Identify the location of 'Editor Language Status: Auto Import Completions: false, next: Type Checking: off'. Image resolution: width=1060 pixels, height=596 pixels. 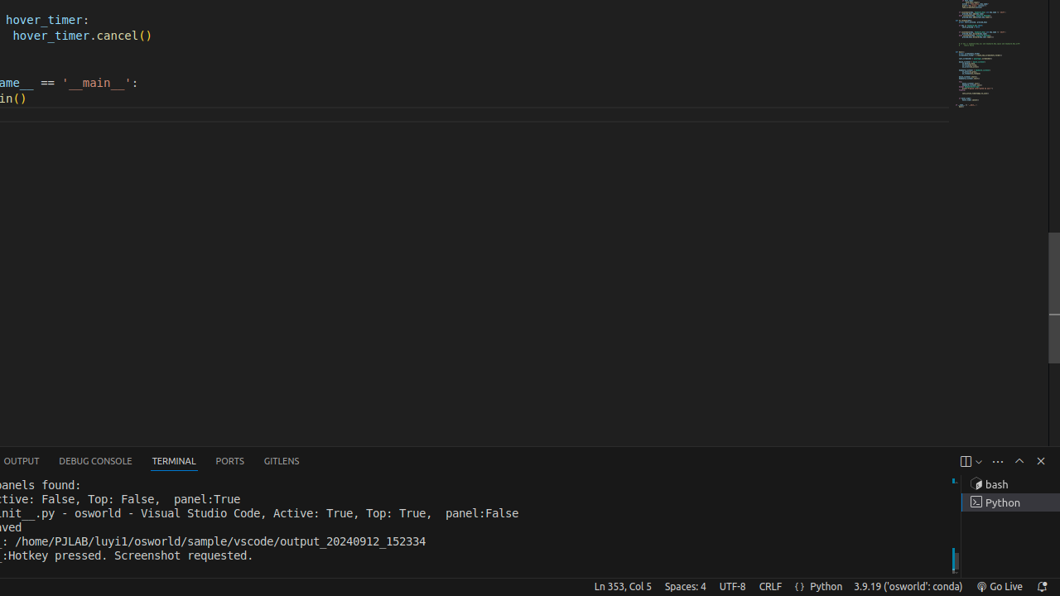
(799, 585).